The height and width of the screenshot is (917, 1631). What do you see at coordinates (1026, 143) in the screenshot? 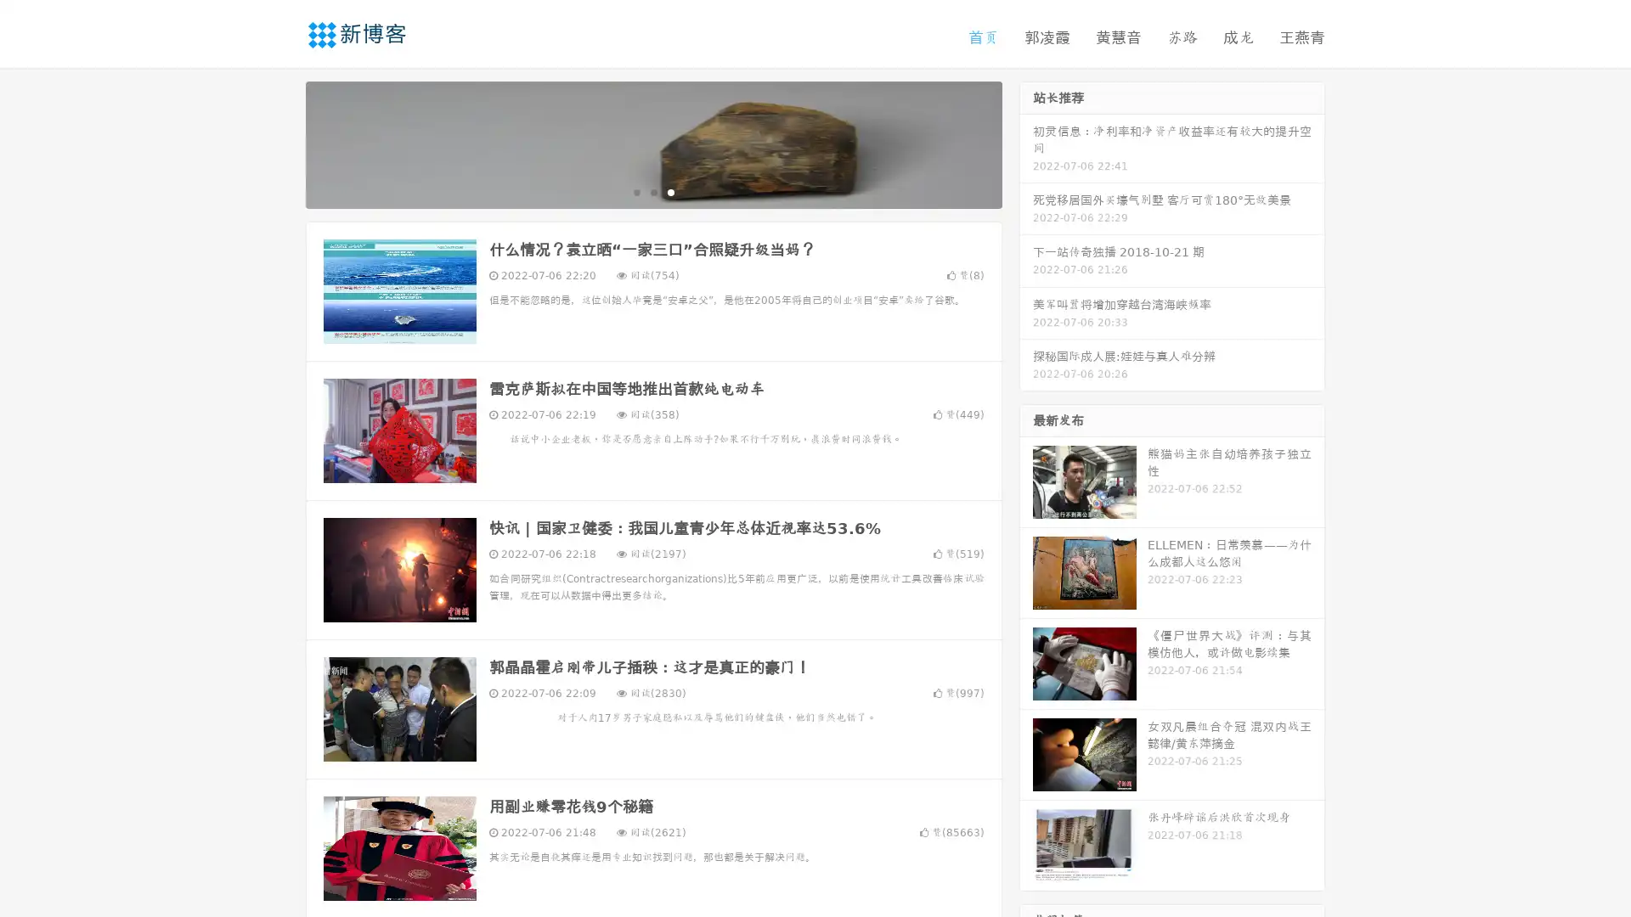
I see `Next slide` at bounding box center [1026, 143].